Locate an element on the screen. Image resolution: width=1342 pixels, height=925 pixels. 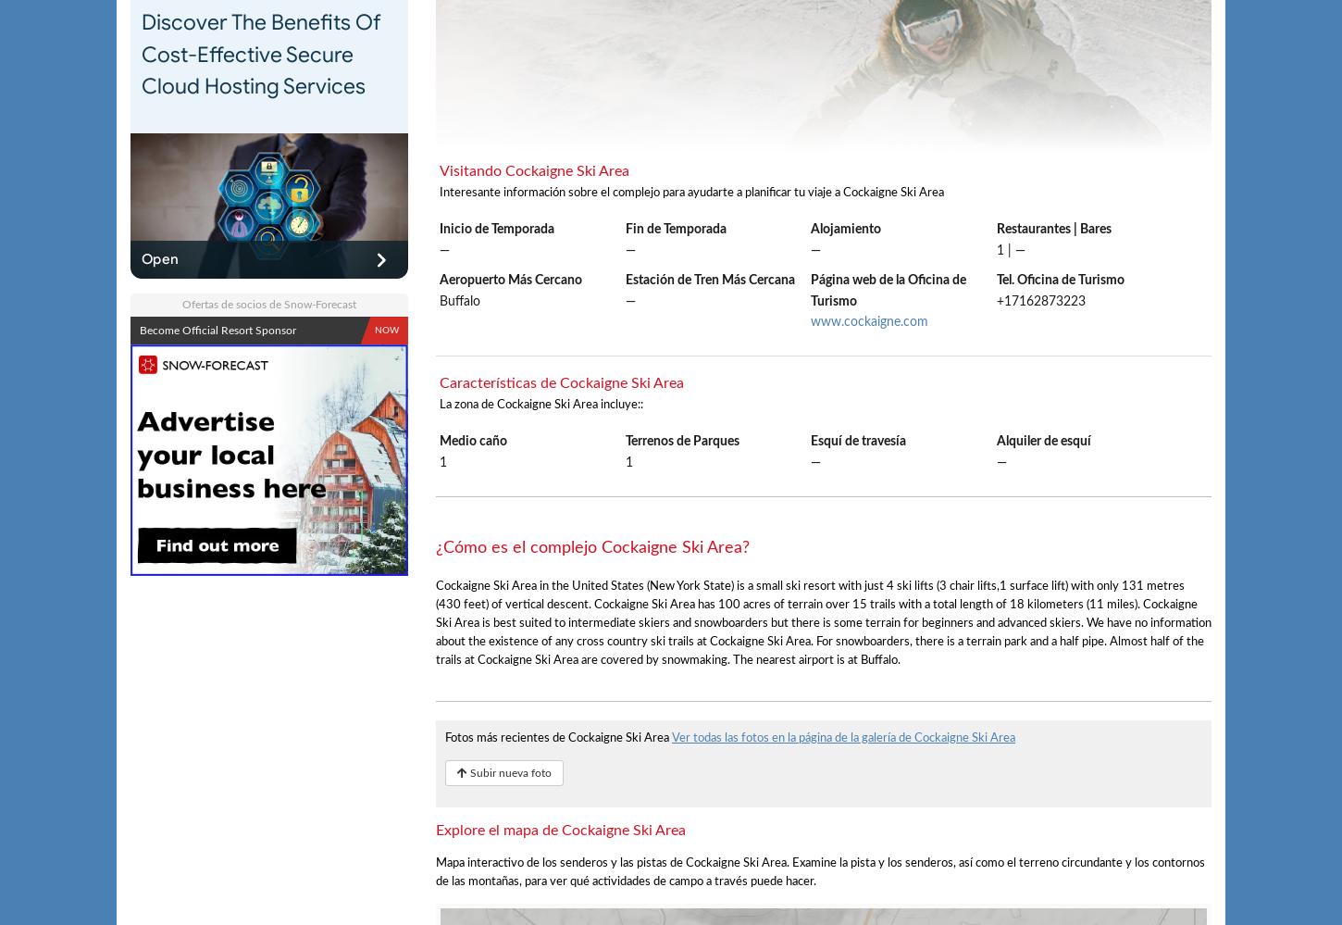
'La zona de Cockaigne Ski Area incluye::' is located at coordinates (541, 404).